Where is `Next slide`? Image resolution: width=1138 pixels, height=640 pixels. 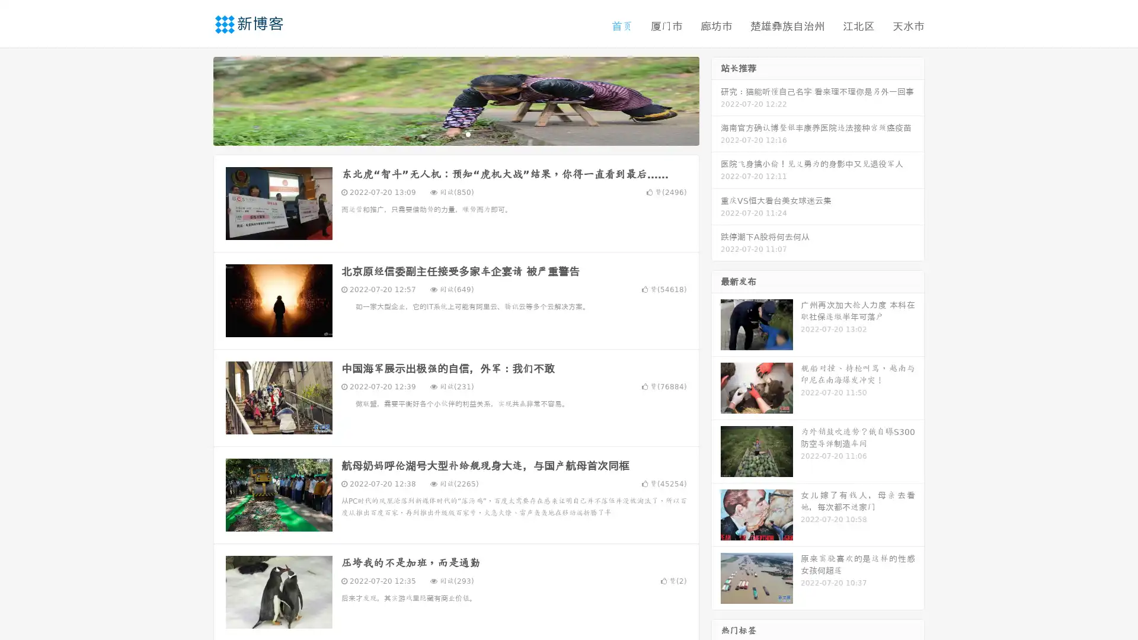
Next slide is located at coordinates (716, 100).